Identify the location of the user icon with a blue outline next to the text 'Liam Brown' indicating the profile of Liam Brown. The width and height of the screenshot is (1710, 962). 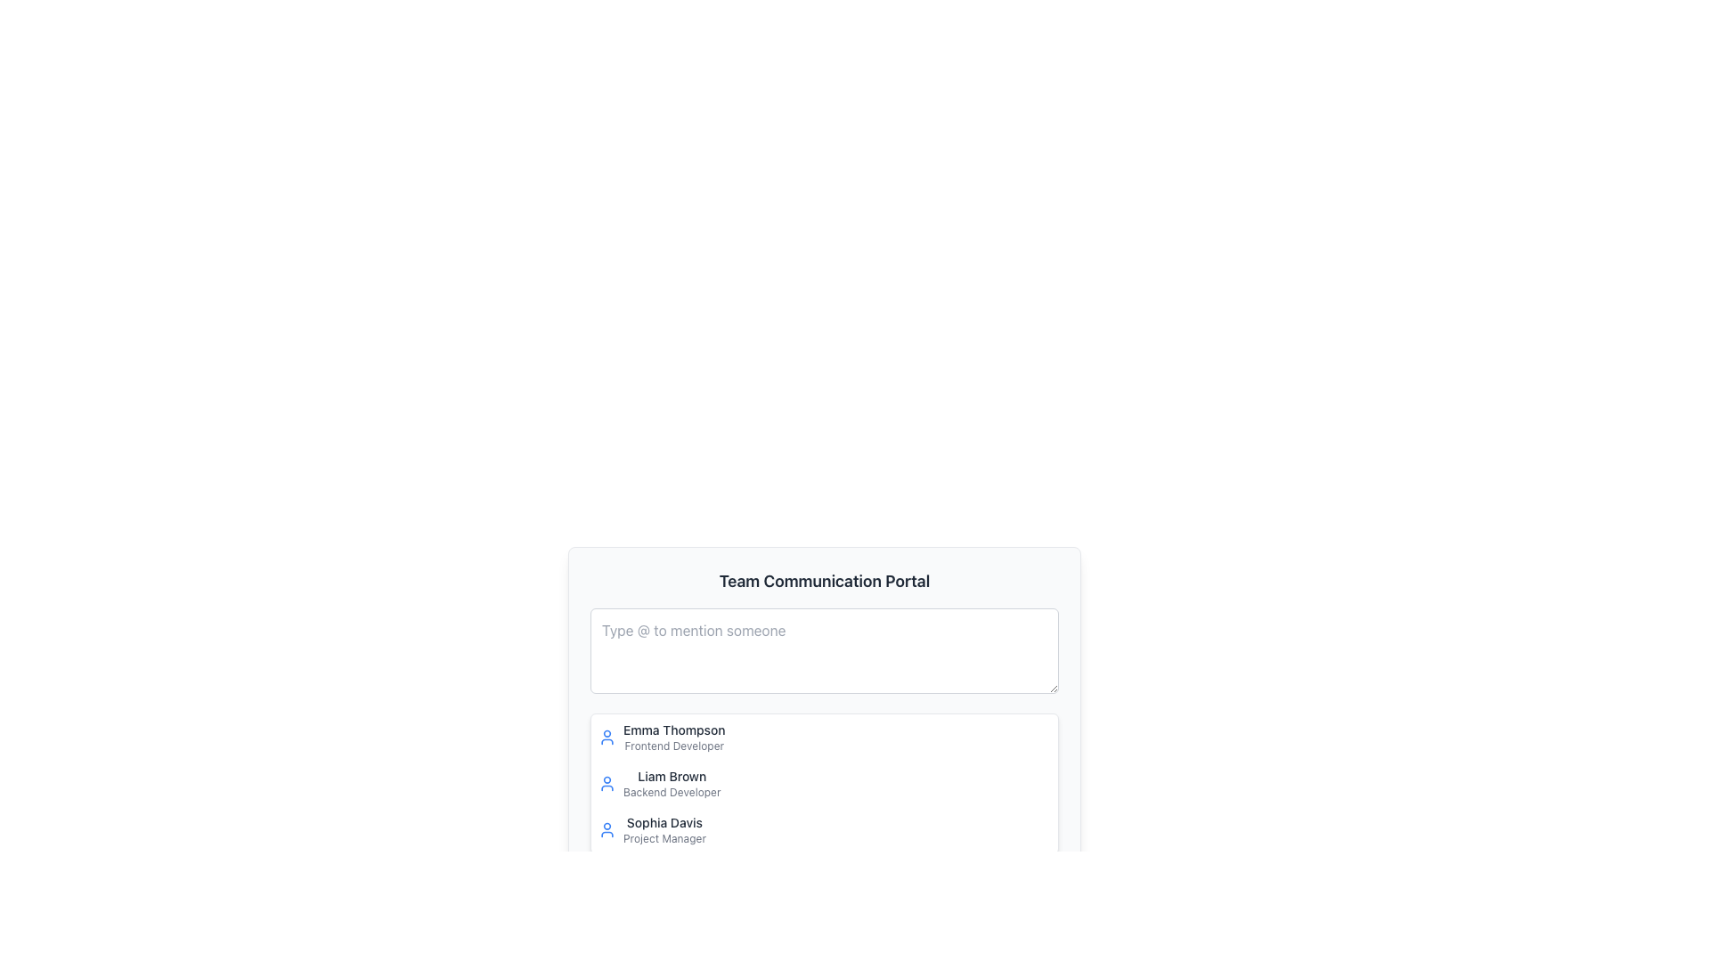
(607, 782).